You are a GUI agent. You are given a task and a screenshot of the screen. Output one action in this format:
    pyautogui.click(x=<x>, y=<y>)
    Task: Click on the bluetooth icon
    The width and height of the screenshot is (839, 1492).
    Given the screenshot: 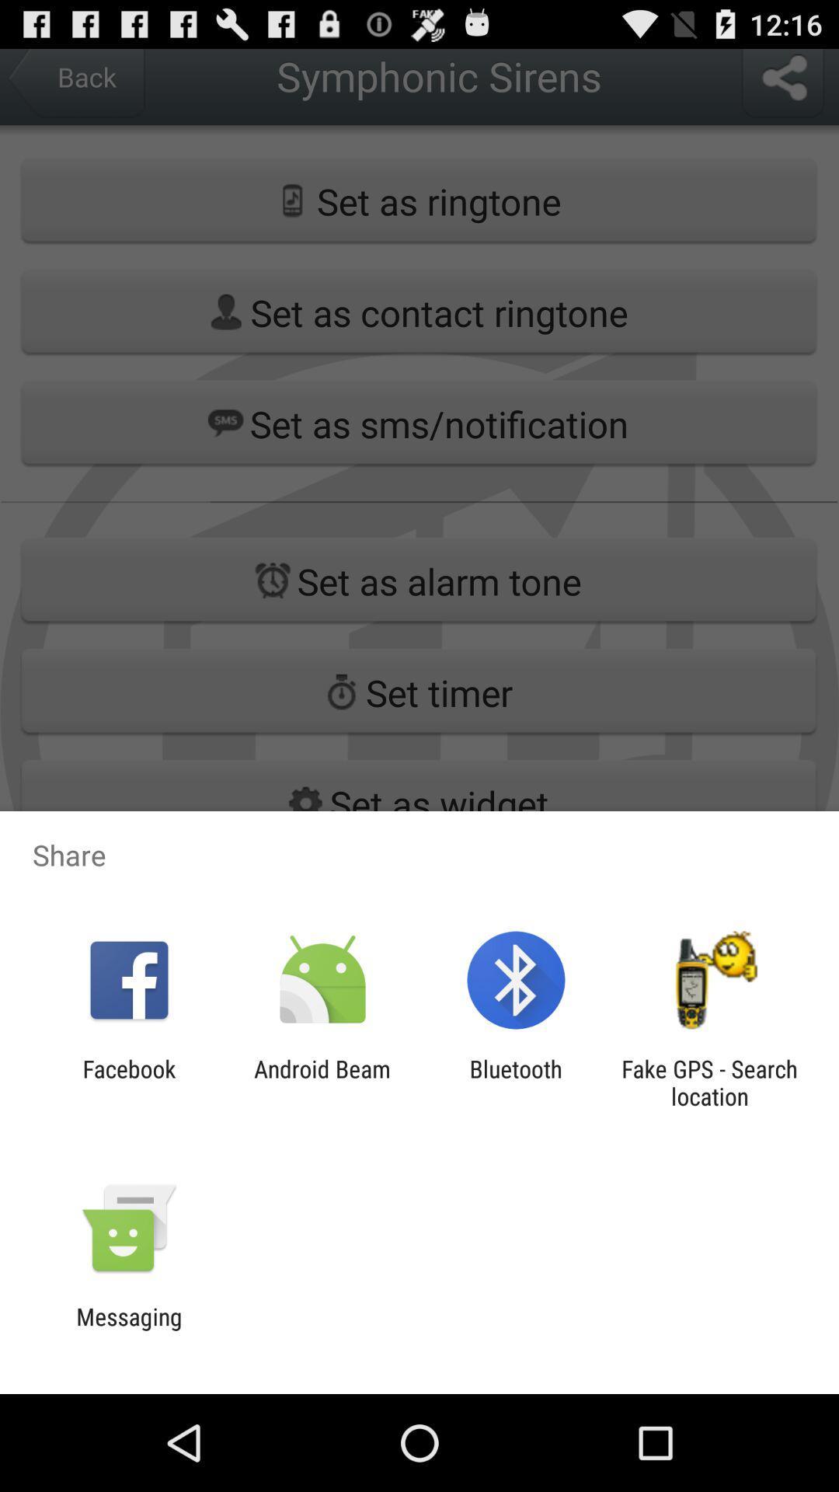 What is the action you would take?
    pyautogui.click(x=516, y=1082)
    